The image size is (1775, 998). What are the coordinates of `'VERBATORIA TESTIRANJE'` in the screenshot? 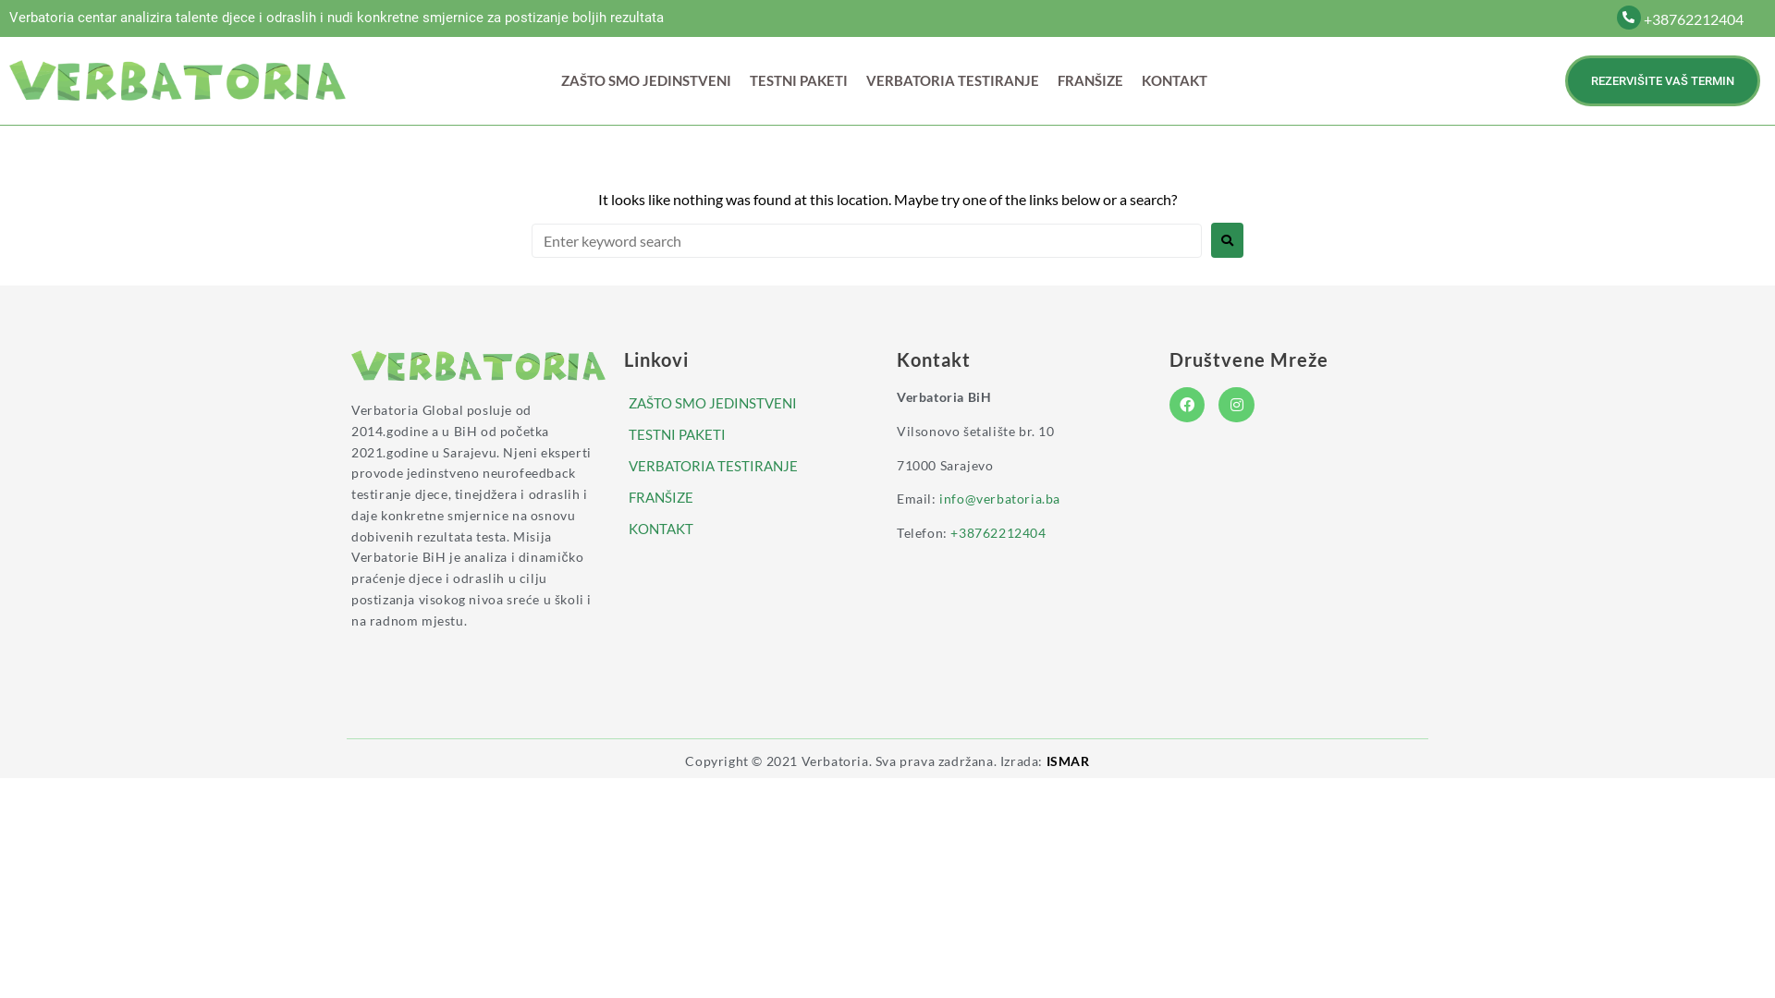 It's located at (746, 465).